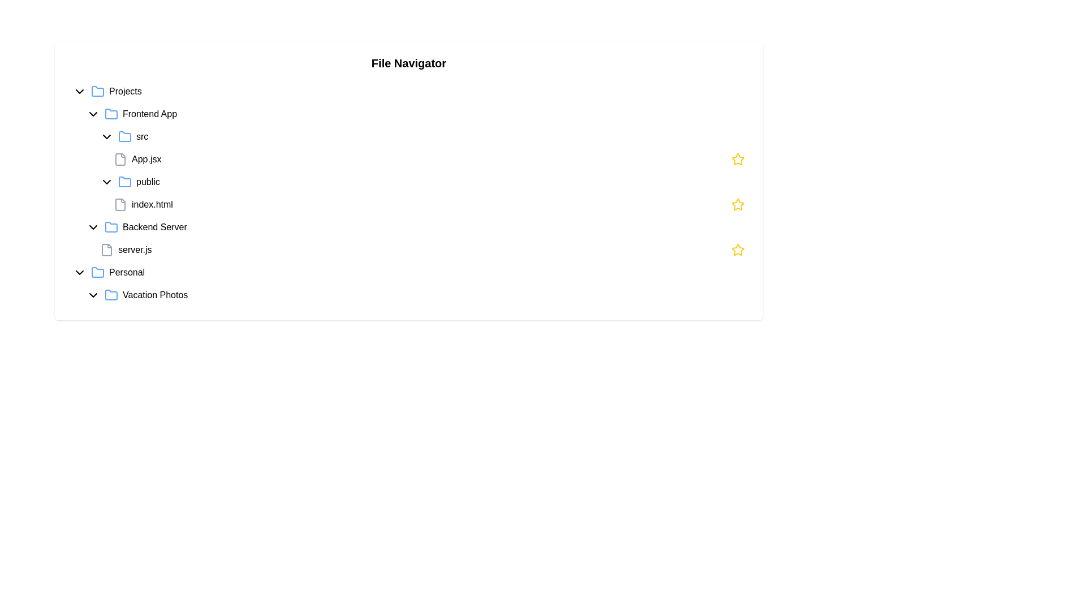 This screenshot has width=1086, height=611. Describe the element at coordinates (154, 227) in the screenshot. I see `the 'Backend Server' text label in the file navigation tree, which is styled with a medium font weight and positioned next to a blue folder icon, to possibly reveal more options` at that location.